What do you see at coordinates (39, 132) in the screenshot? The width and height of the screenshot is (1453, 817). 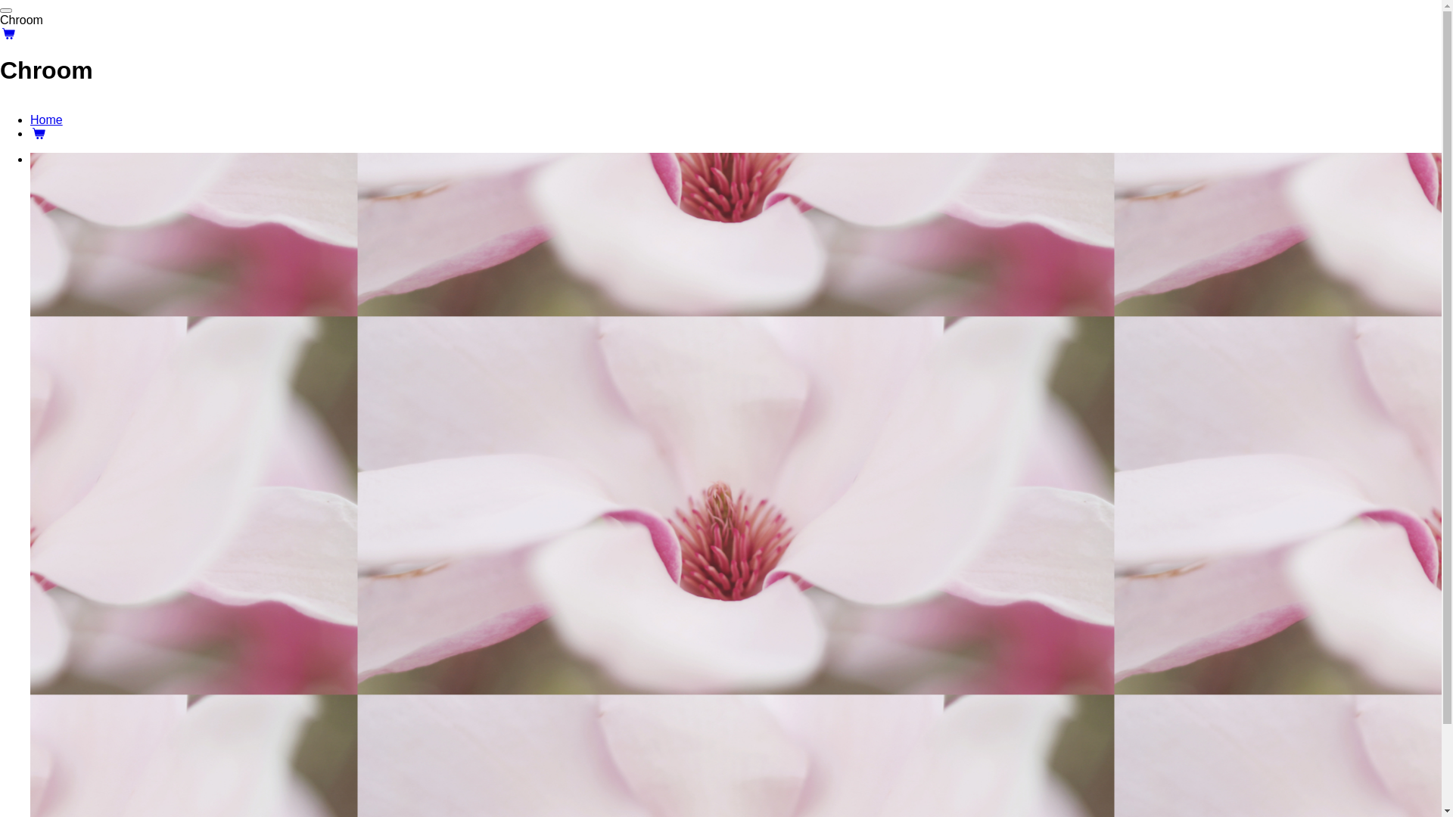 I see `'Winkelwagen'` at bounding box center [39, 132].